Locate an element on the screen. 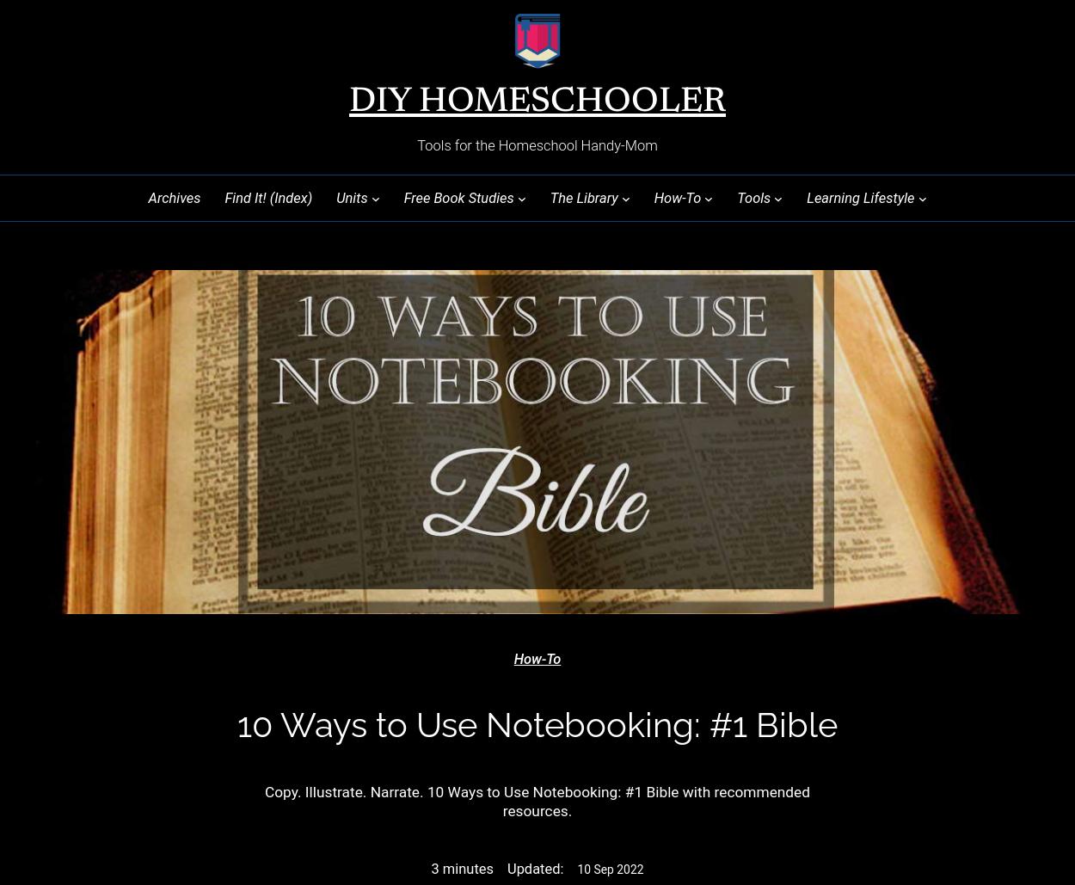 This screenshot has width=1075, height=885. 'Learning Lifestyle' is located at coordinates (807, 196).